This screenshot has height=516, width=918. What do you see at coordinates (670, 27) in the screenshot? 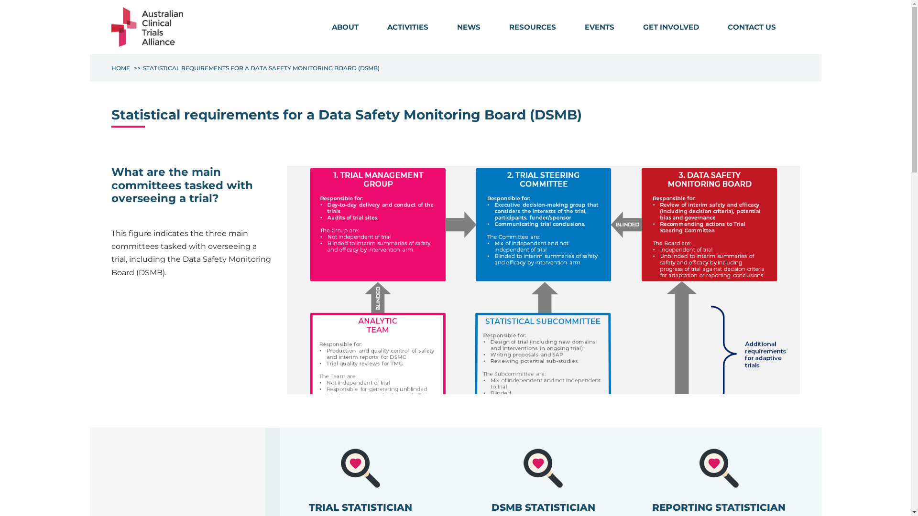
I see `'GET INVOLVED'` at bounding box center [670, 27].